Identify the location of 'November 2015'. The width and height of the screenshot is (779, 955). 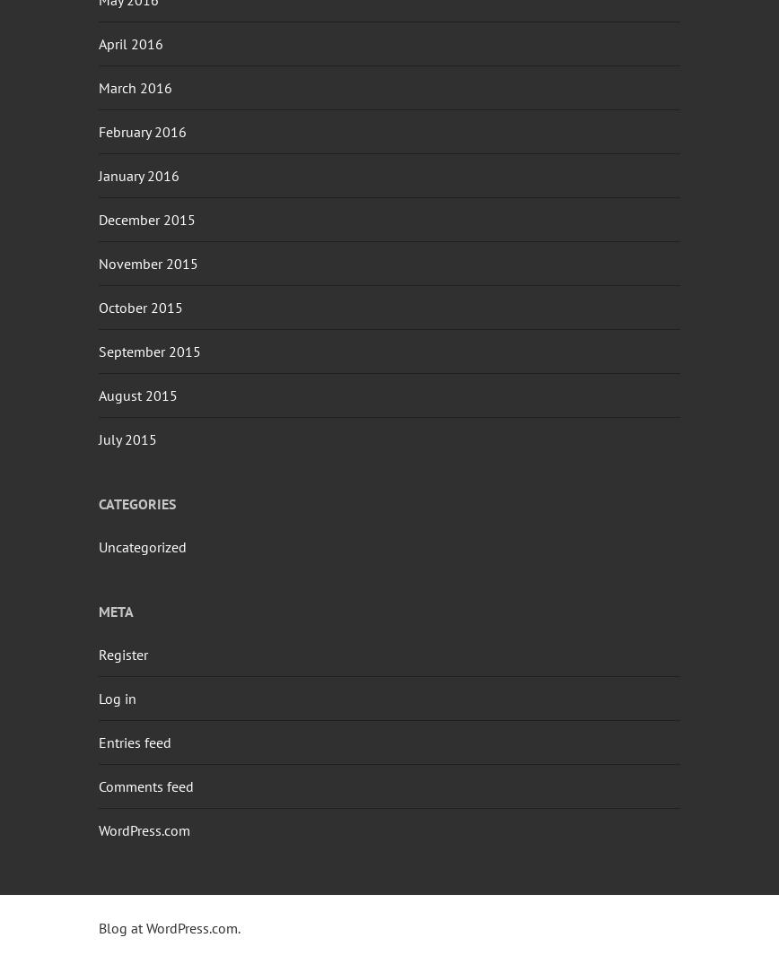
(98, 261).